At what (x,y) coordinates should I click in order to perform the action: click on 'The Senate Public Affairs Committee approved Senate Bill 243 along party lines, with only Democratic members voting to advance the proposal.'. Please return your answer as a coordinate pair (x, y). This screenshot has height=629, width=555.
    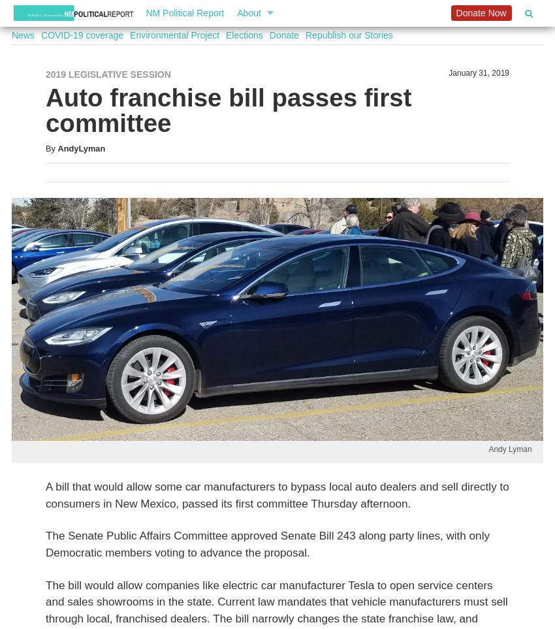
    Looking at the image, I should click on (45, 544).